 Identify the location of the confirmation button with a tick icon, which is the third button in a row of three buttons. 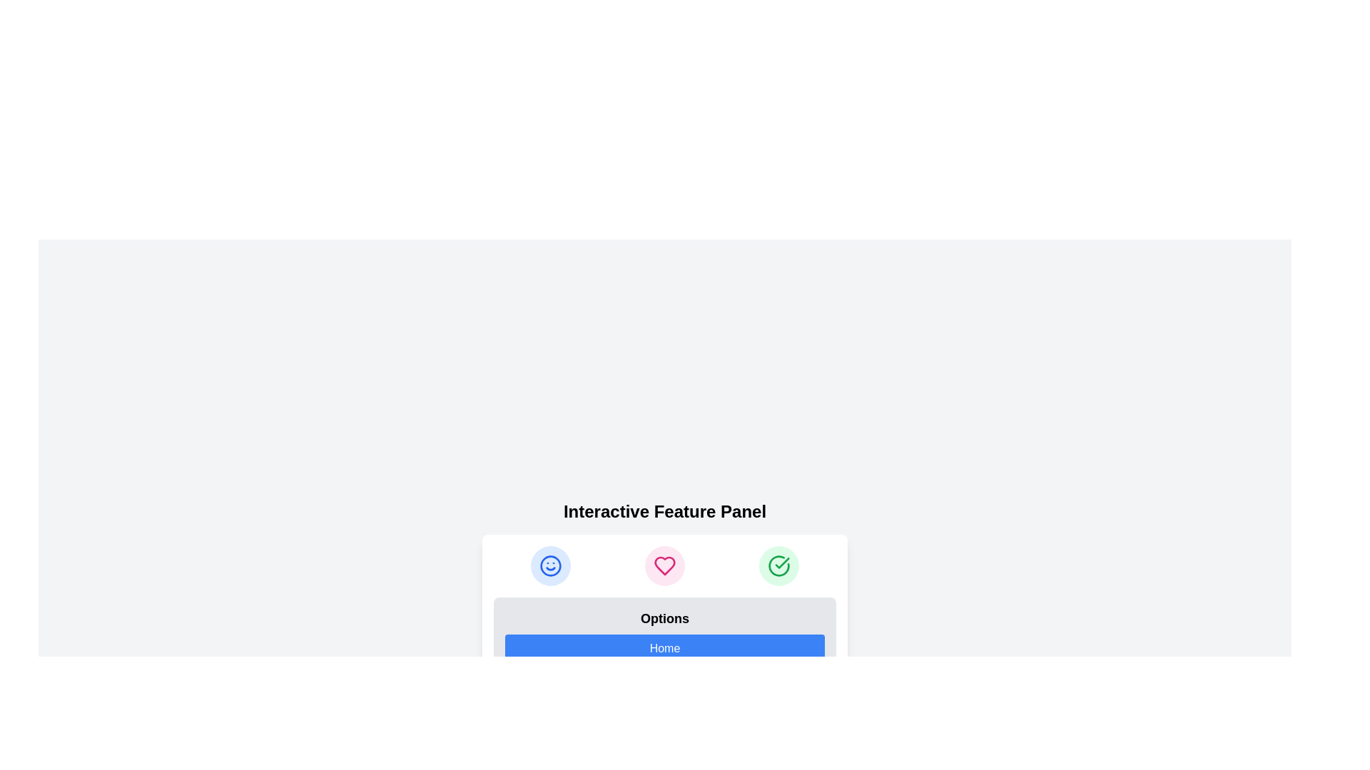
(778, 565).